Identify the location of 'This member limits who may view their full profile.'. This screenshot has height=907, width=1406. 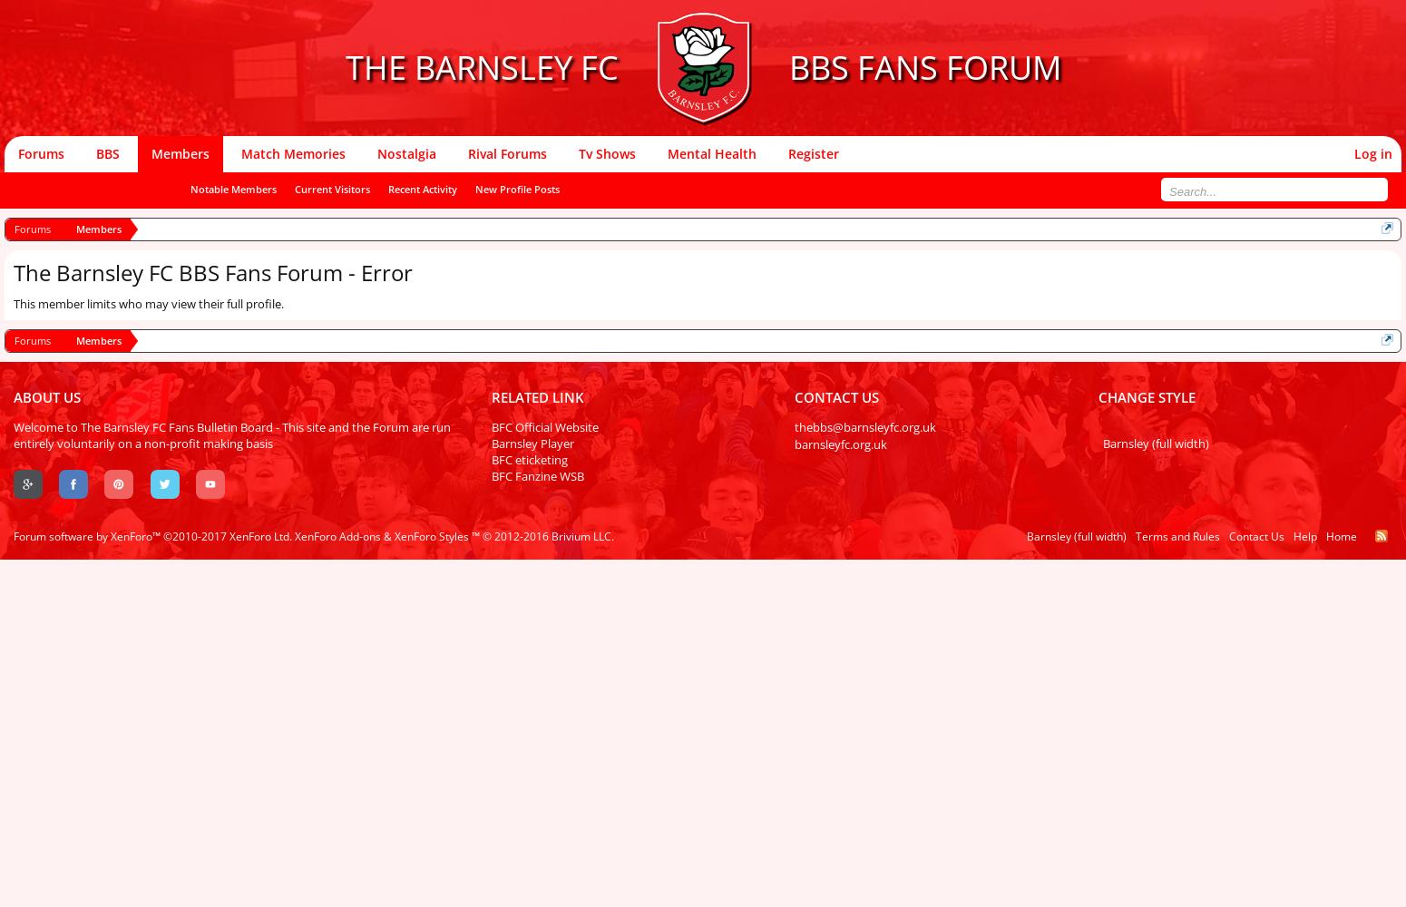
(147, 302).